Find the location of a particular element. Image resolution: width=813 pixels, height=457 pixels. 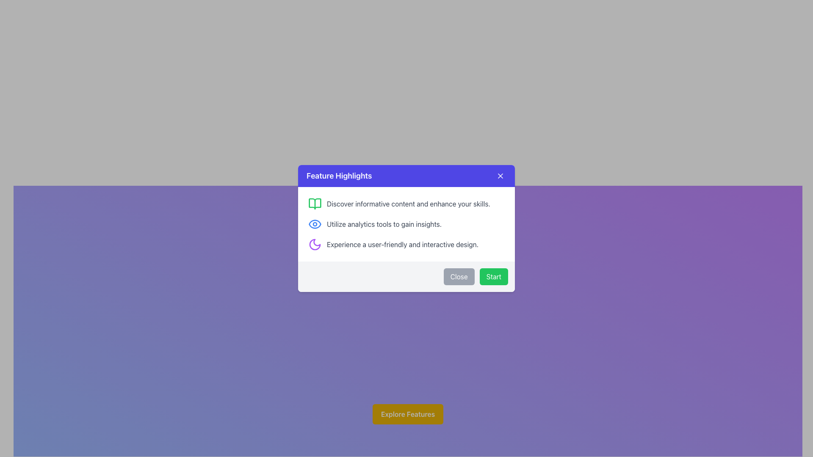

the Close icon, which appears as a diagonal cross in the top-right corner of the 'Feature Highlights' dialog box is located at coordinates (500, 176).